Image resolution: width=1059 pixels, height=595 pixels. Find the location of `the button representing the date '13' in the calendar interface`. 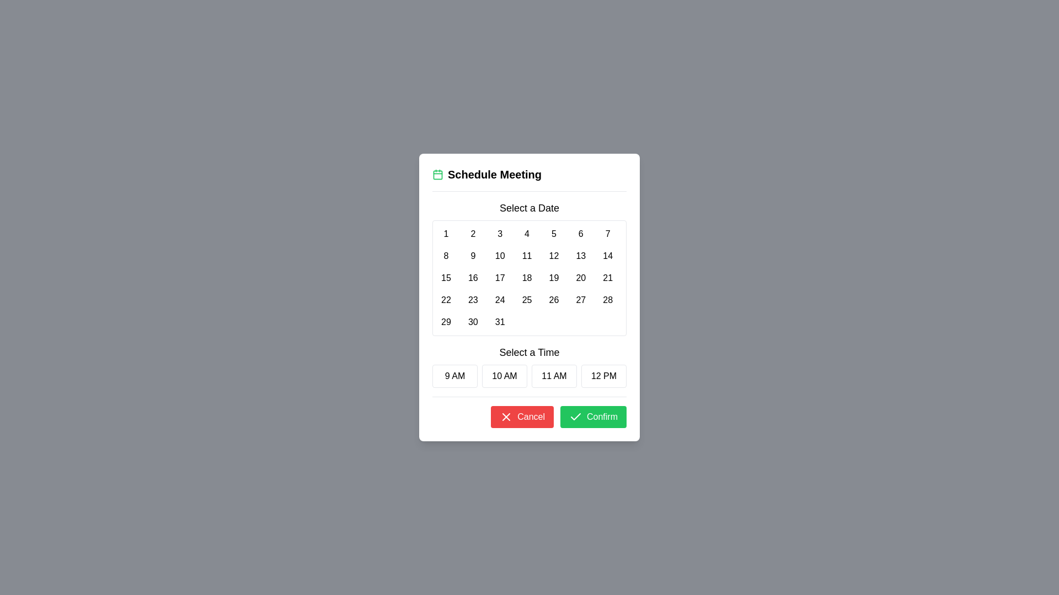

the button representing the date '13' in the calendar interface is located at coordinates (580, 256).